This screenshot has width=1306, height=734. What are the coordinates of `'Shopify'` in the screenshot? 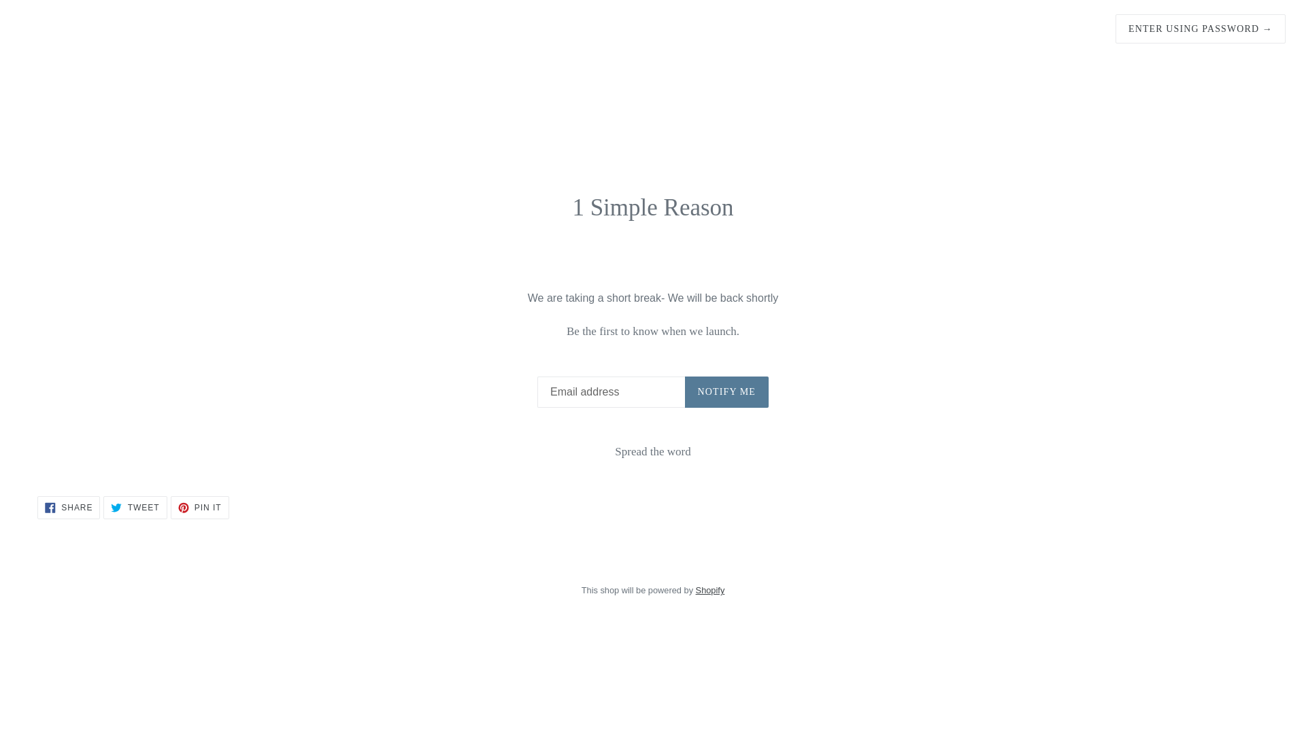 It's located at (709, 589).